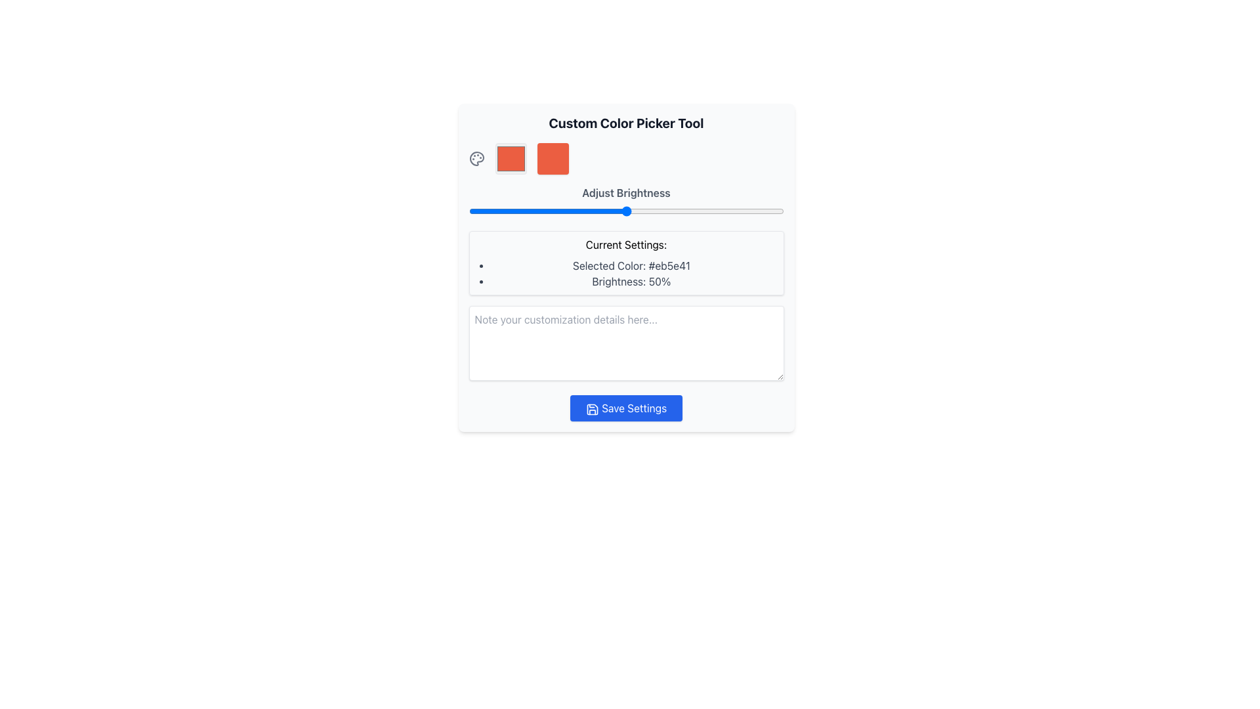 This screenshot has width=1260, height=709. What do you see at coordinates (780, 210) in the screenshot?
I see `the brightness` at bounding box center [780, 210].